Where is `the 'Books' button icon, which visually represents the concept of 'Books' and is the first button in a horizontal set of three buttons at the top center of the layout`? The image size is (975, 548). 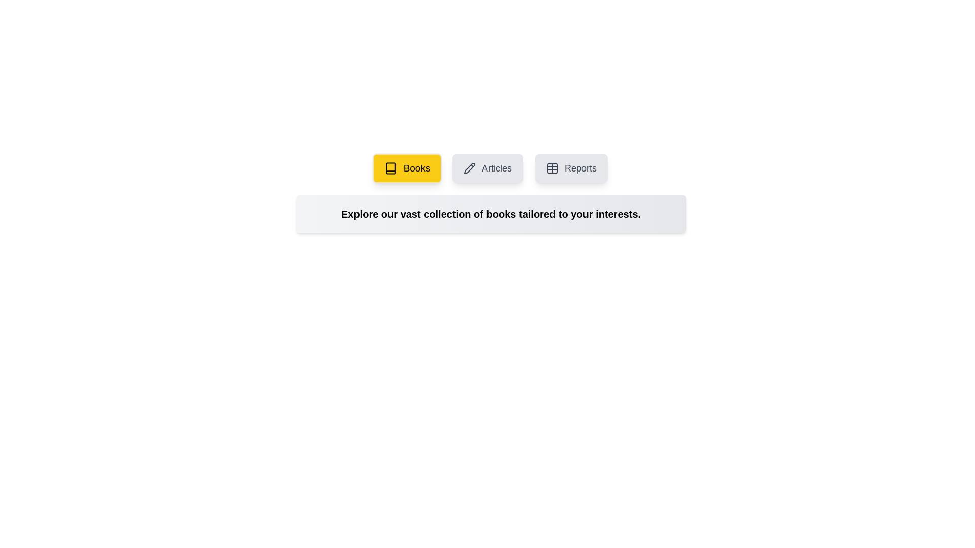
the 'Books' button icon, which visually represents the concept of 'Books' and is the first button in a horizontal set of three buttons at the top center of the layout is located at coordinates (390, 167).